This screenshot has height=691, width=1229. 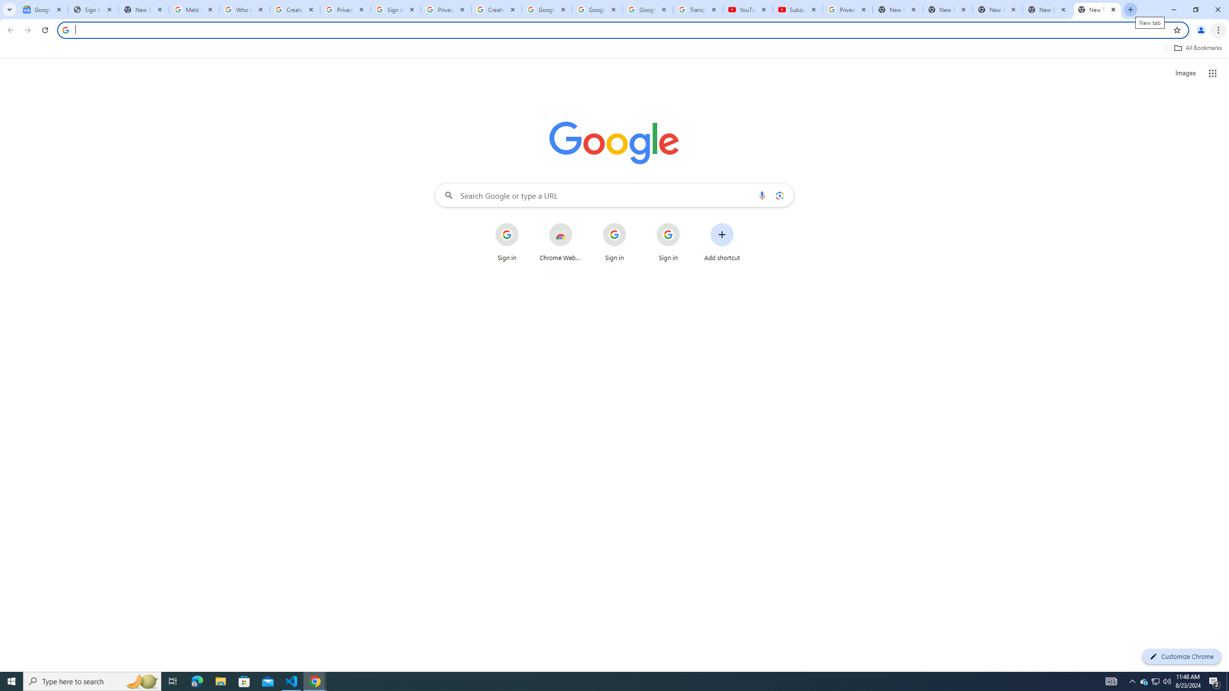 I want to click on 'Sign In - USA TODAY', so click(x=93, y=9).